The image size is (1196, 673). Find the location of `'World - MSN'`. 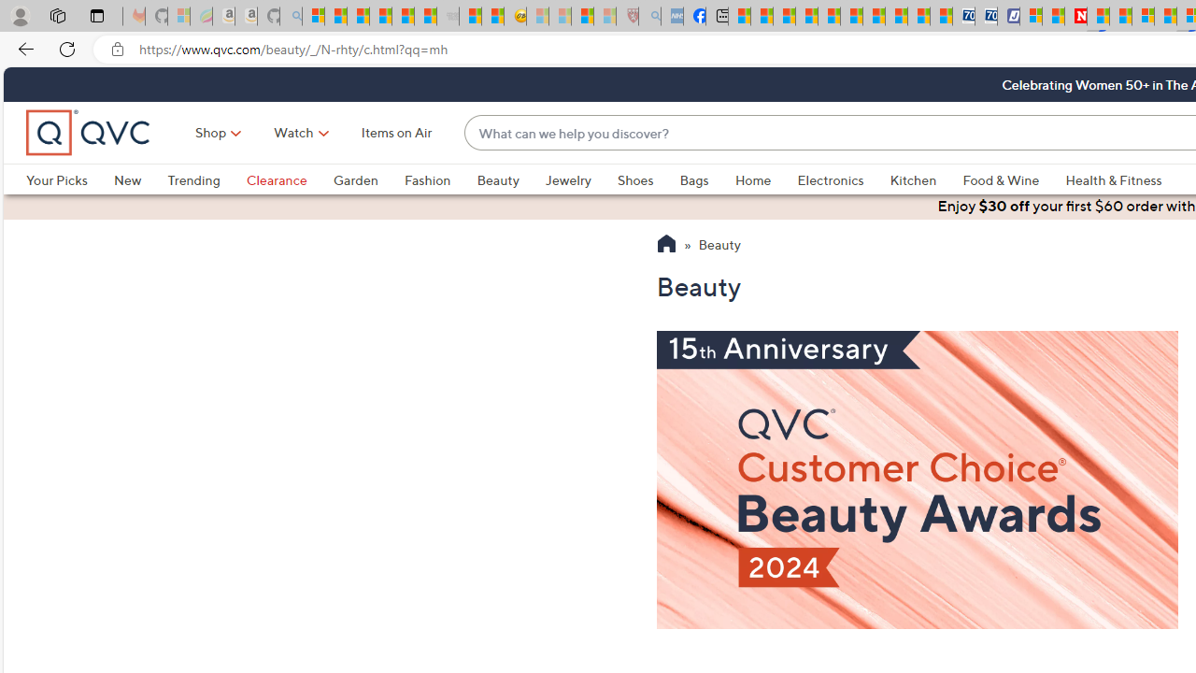

'World - MSN' is located at coordinates (784, 16).